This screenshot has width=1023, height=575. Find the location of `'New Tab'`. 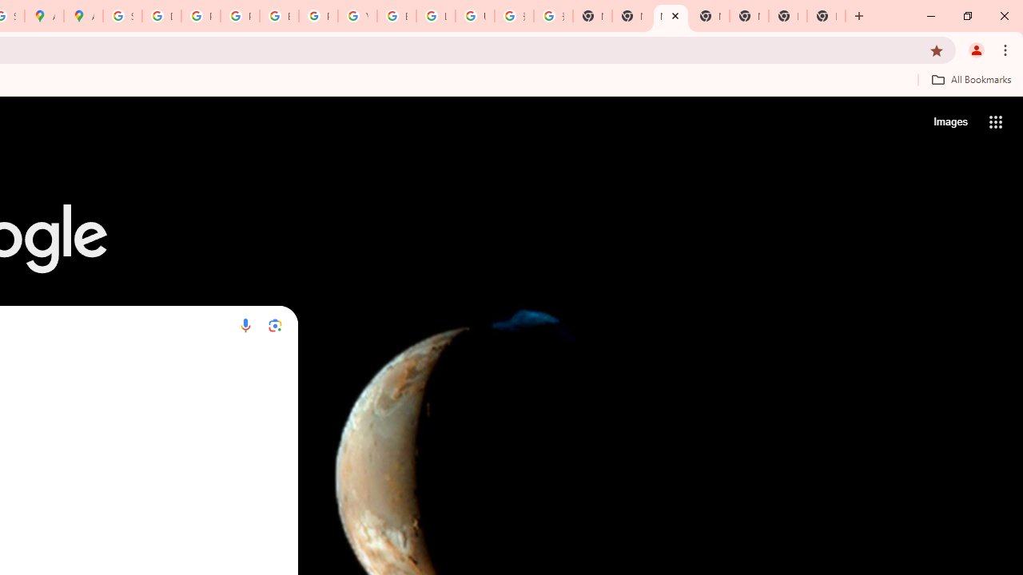

'New Tab' is located at coordinates (709, 16).